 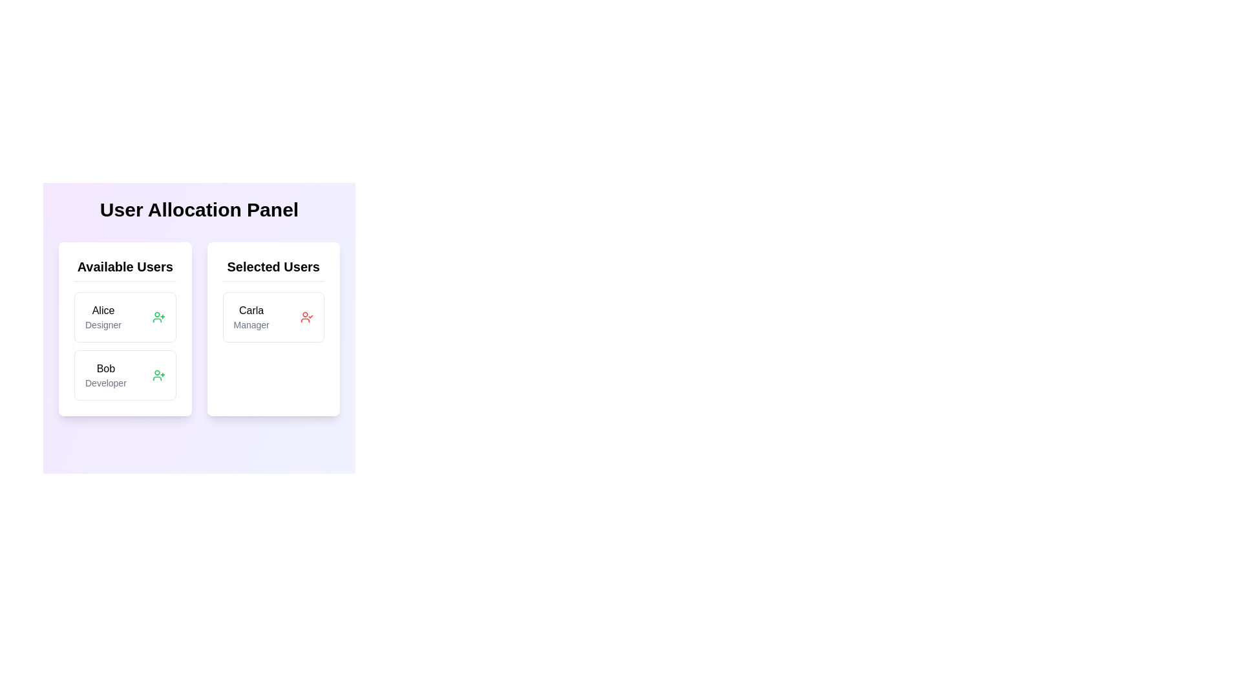 What do you see at coordinates (251, 317) in the screenshot?
I see `the Text Display element that shows 'Carla' in bold and 'Manager' in a smaller greyed-out font, located in the 'Selected Users' section of the User Allocation Panel` at bounding box center [251, 317].